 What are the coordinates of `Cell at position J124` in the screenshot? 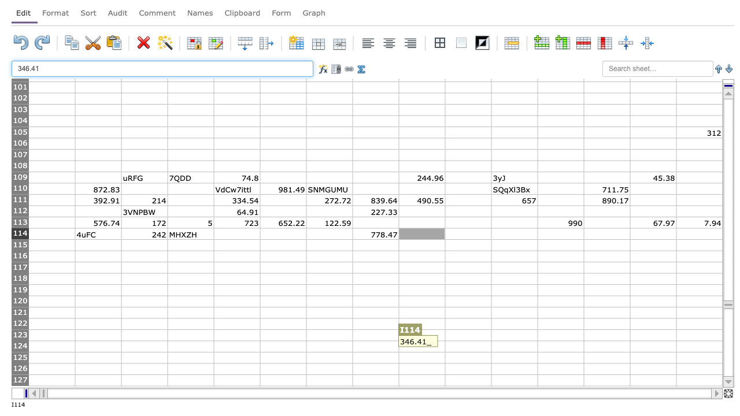 It's located at (468, 346).